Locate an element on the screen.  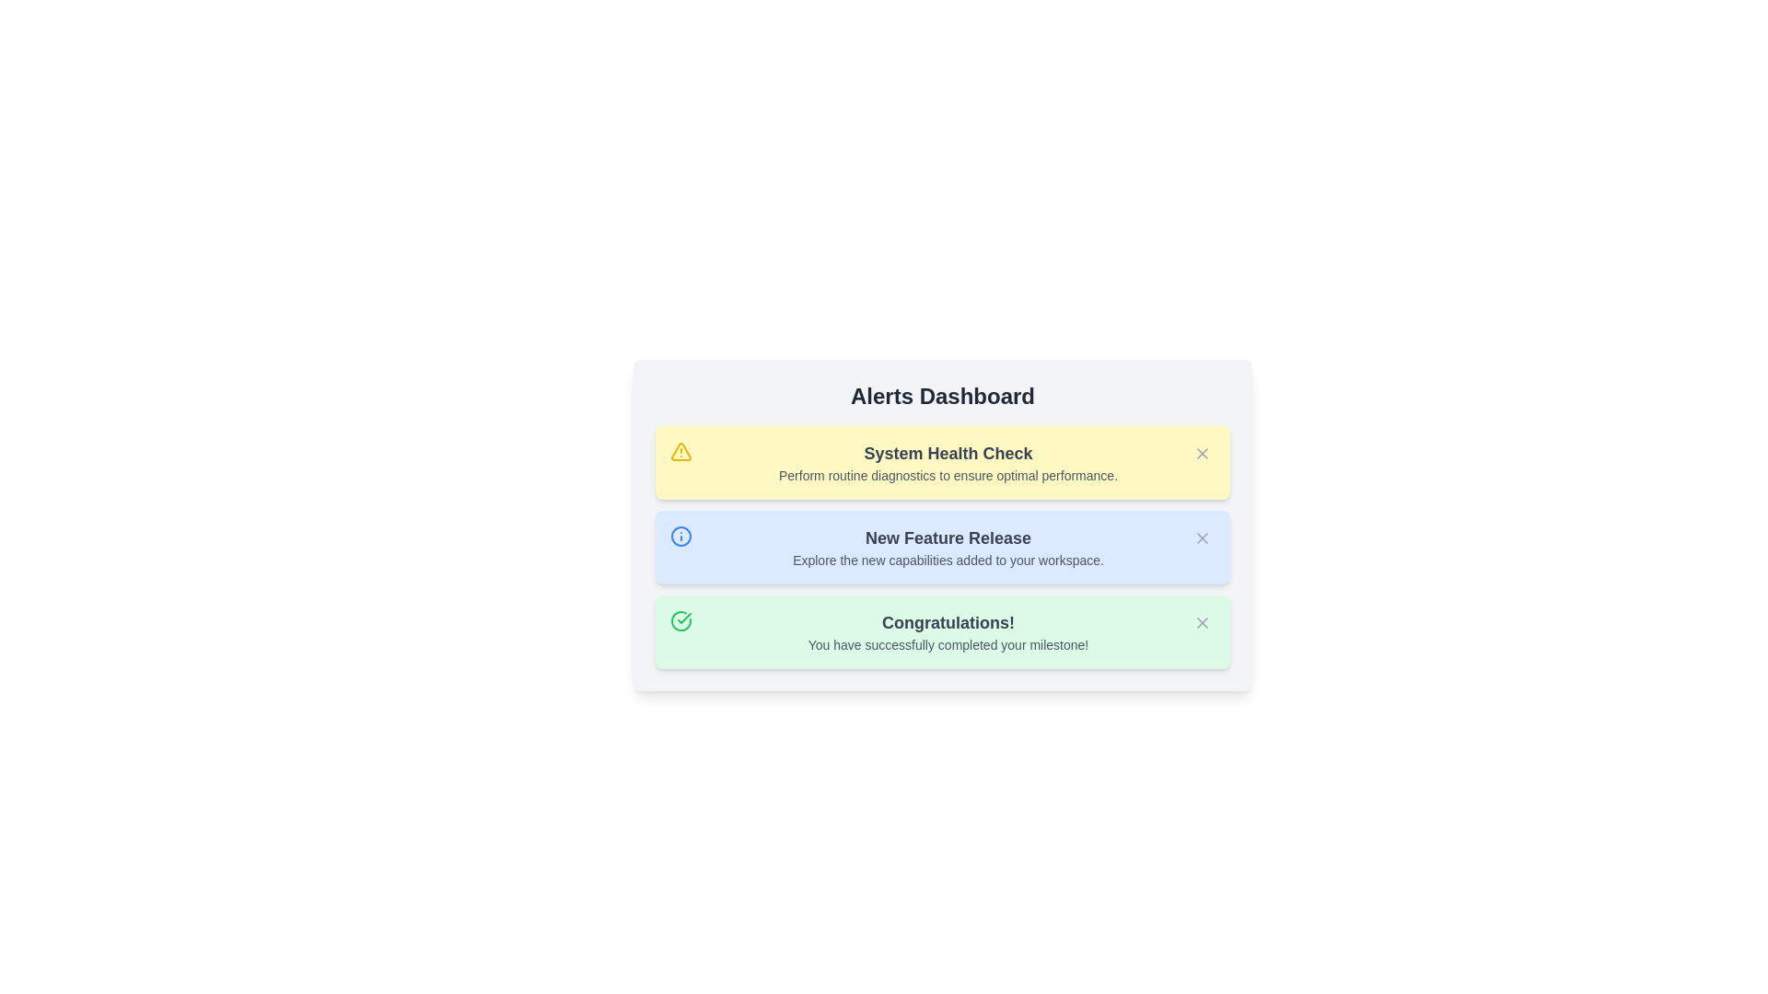
the alert icon for System Health Check to interact with it is located at coordinates (680, 451).